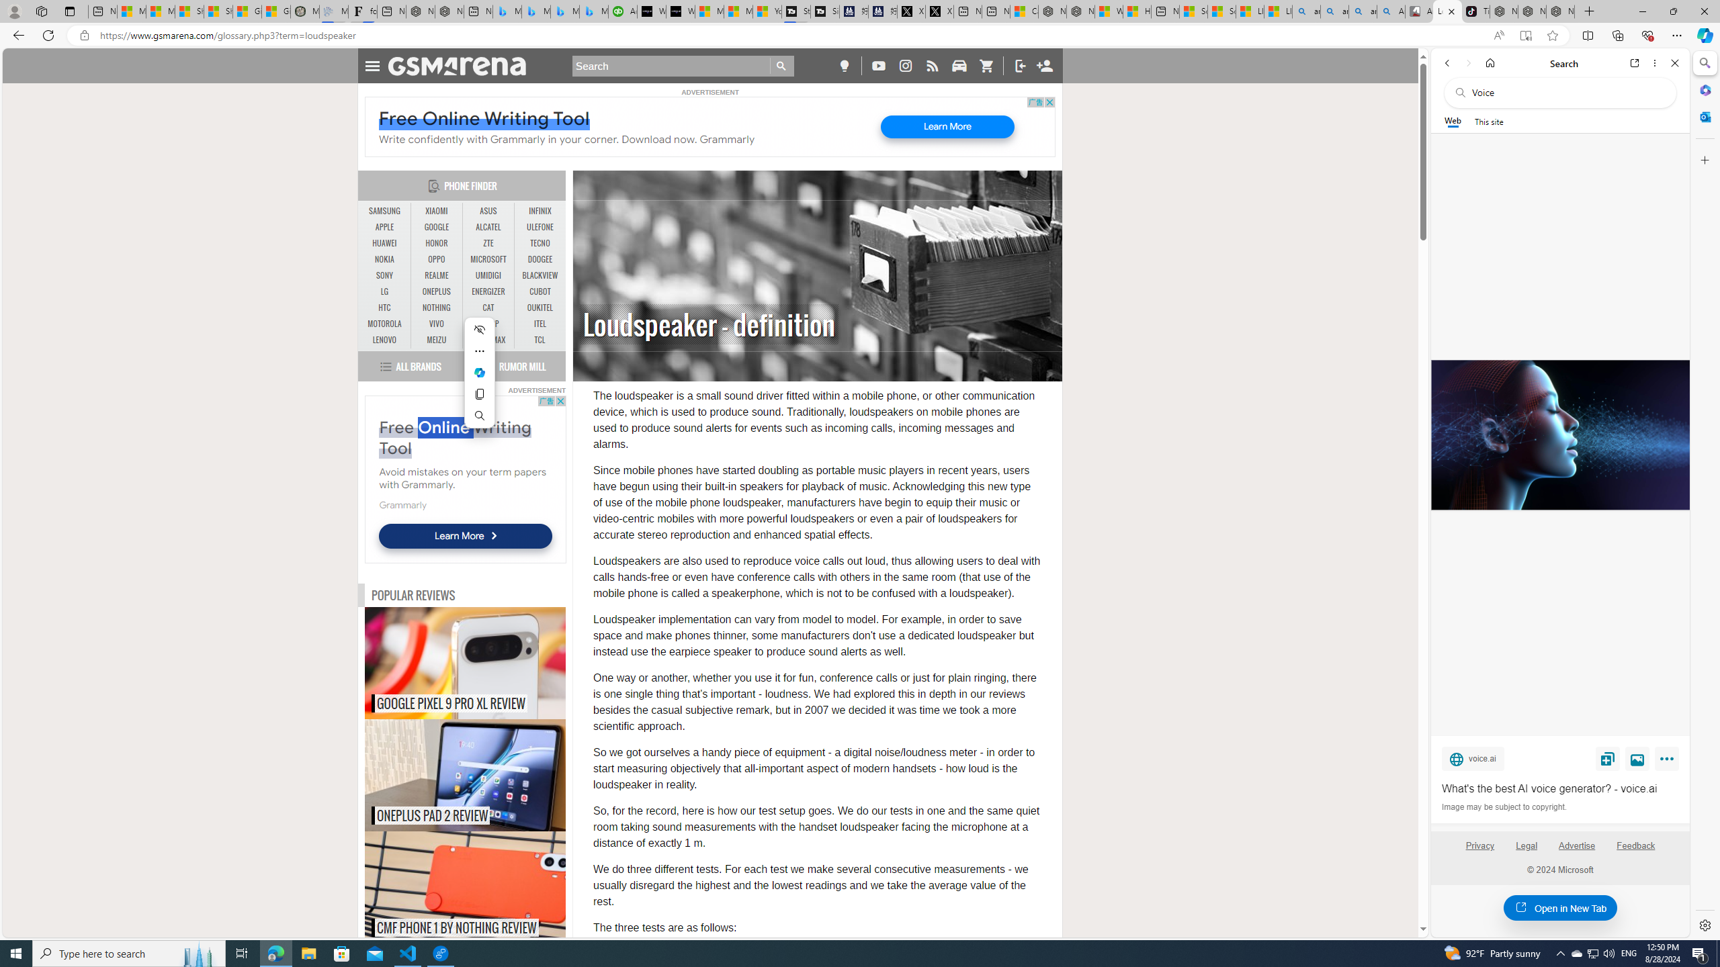 The width and height of the screenshot is (1720, 967). I want to click on 'Outlook', so click(1703, 116).